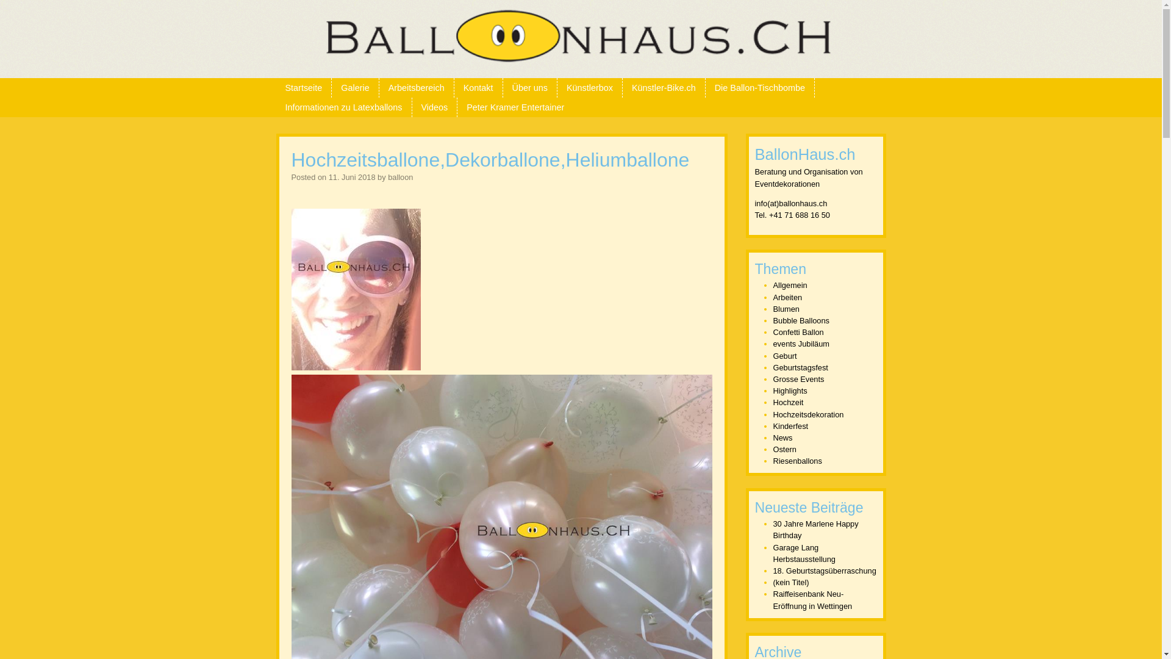  Describe the element at coordinates (790, 285) in the screenshot. I see `'Allgemein'` at that location.